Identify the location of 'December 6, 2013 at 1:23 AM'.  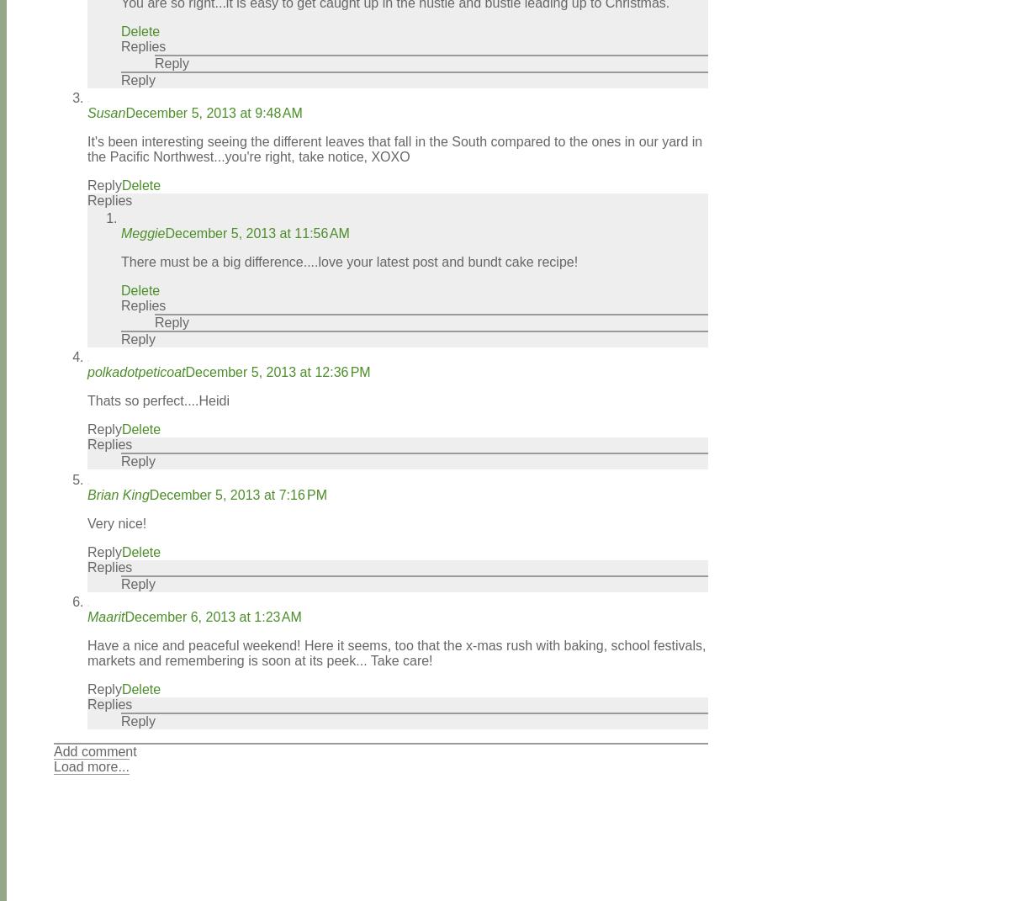
(212, 616).